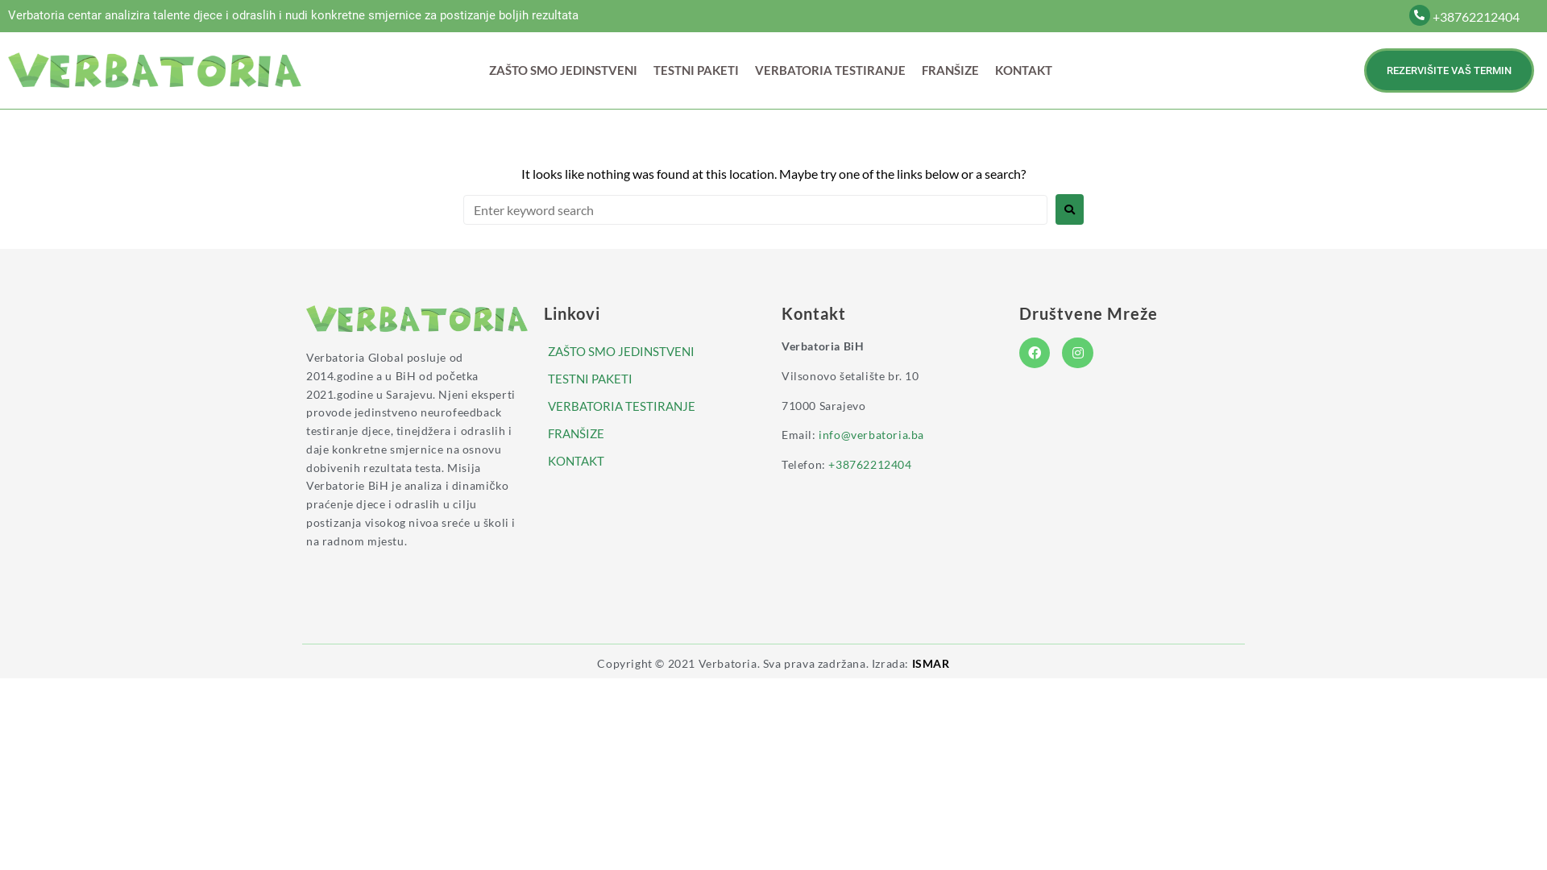 The height and width of the screenshot is (870, 1547). Describe the element at coordinates (650, 460) in the screenshot. I see `'KONTAKT'` at that location.